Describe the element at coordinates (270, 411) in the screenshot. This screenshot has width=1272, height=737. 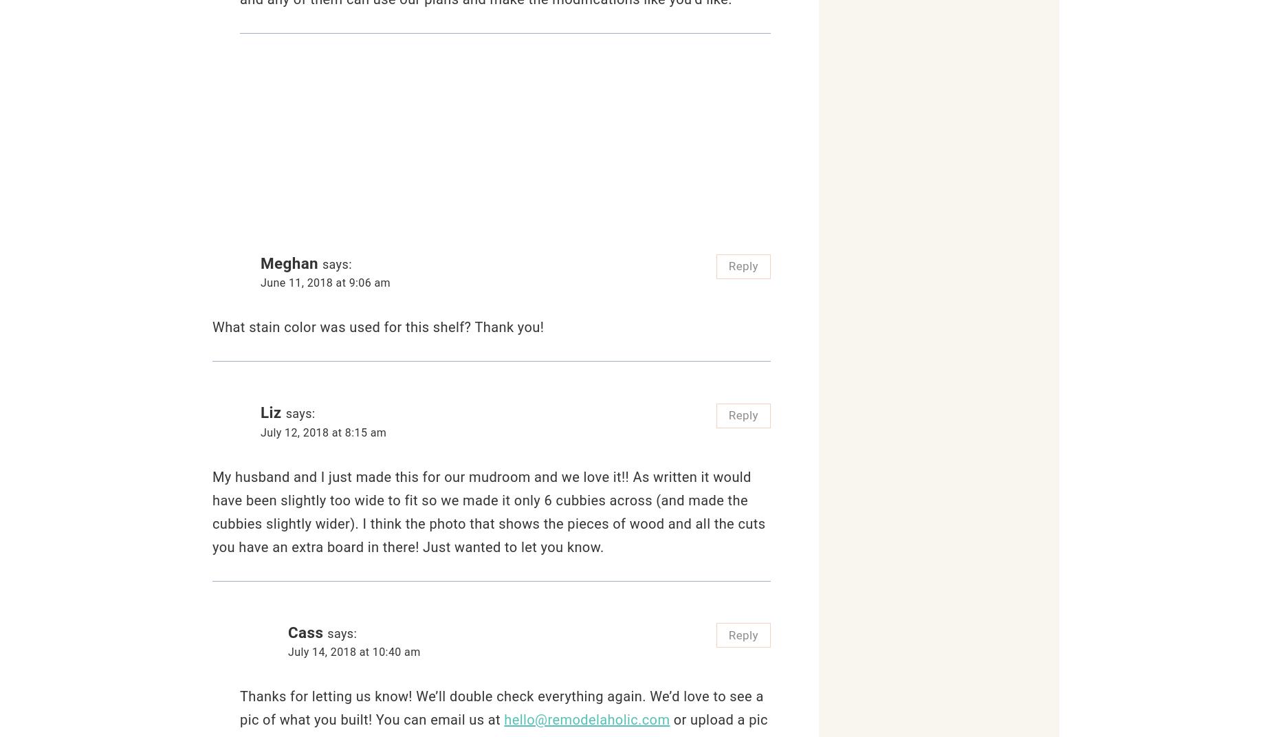
I see `'Liz'` at that location.